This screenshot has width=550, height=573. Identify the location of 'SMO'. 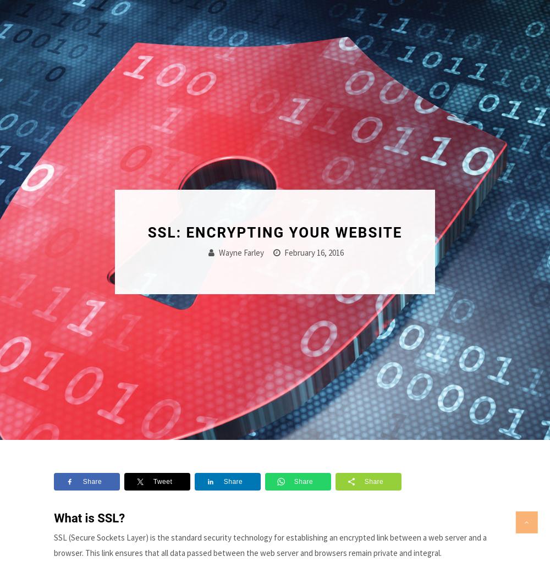
(374, 464).